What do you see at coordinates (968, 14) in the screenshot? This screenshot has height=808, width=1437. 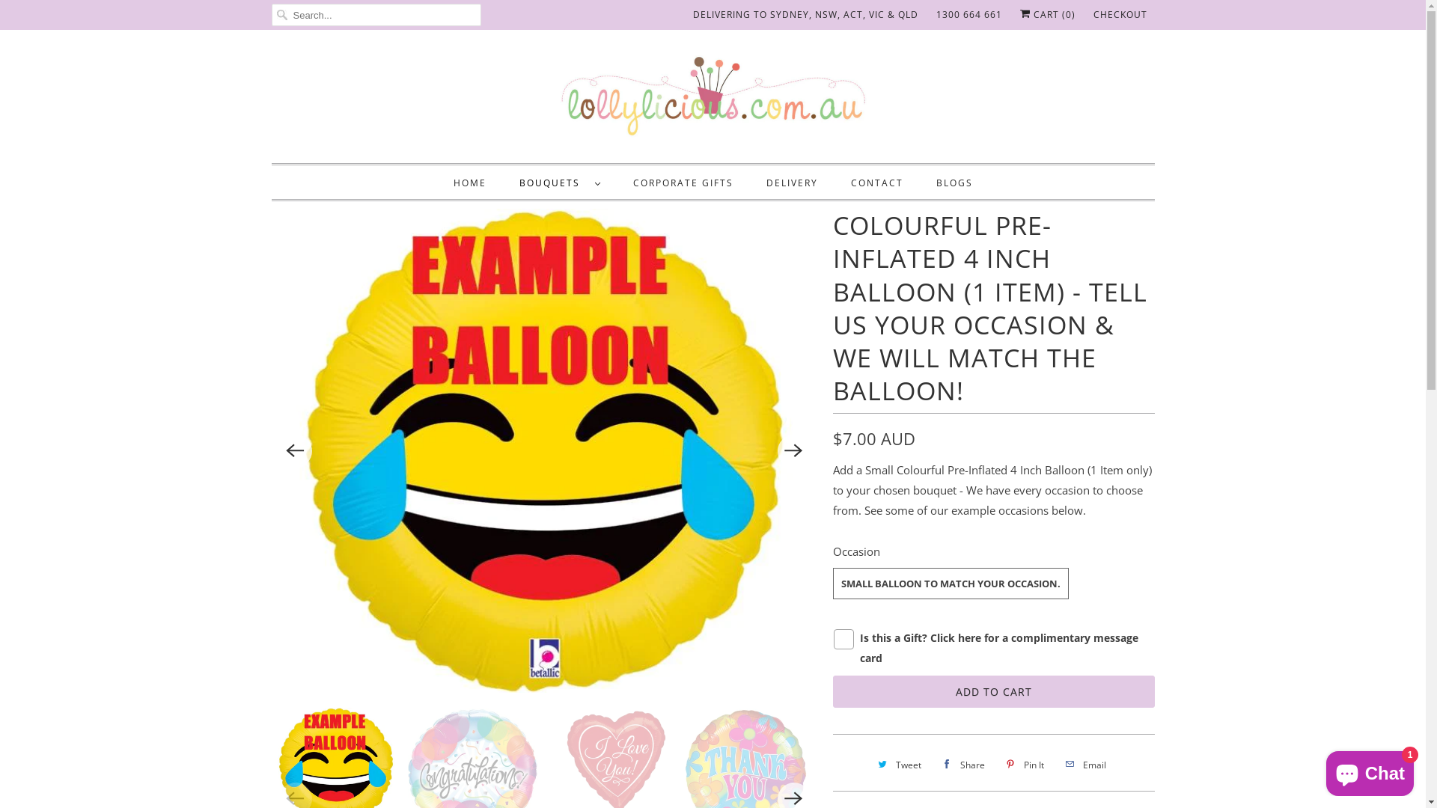 I see `'1300 664 661'` at bounding box center [968, 14].